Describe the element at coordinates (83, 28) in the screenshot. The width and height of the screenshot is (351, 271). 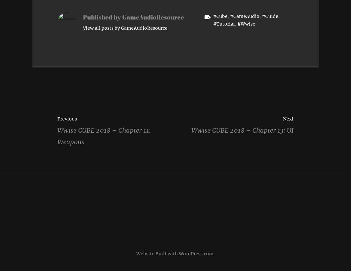
I see `'View all posts by GameAudioResource'` at that location.